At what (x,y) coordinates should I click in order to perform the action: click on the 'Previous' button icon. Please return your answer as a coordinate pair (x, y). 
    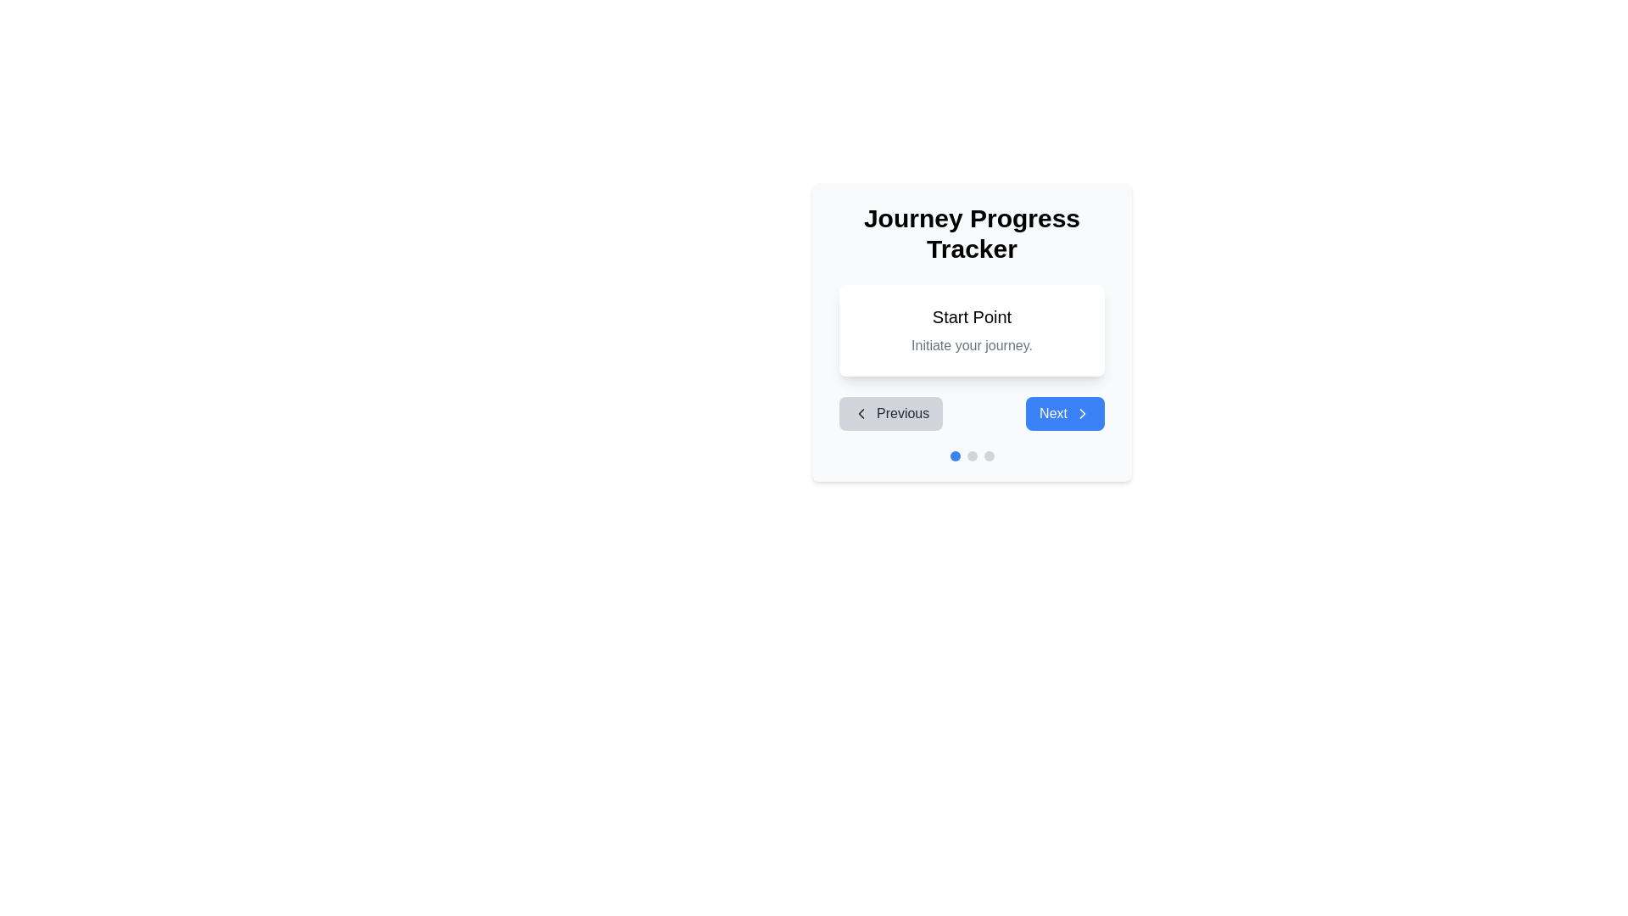
    Looking at the image, I should click on (861, 414).